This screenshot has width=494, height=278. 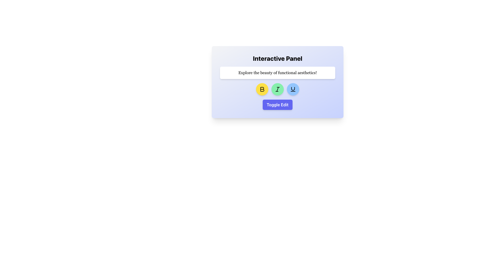 What do you see at coordinates (293, 89) in the screenshot?
I see `the circular button with a light blue background and an underlined 'U' icon` at bounding box center [293, 89].